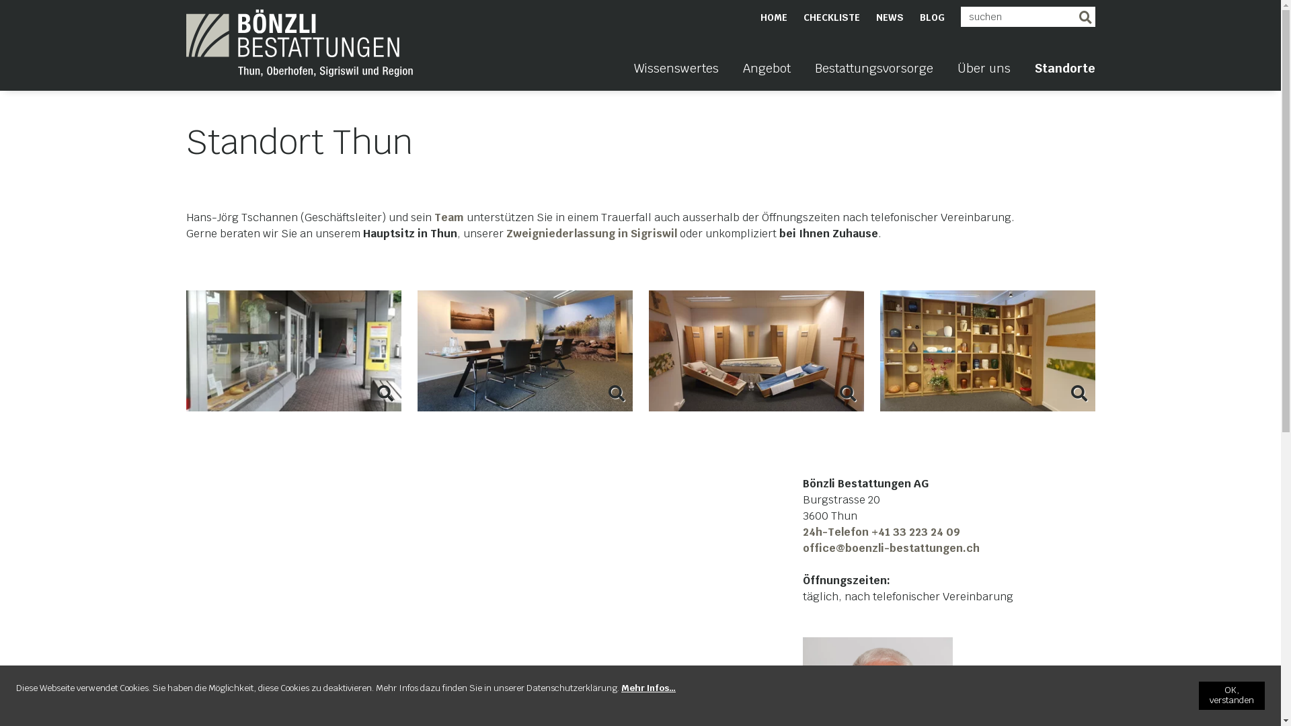 This screenshot has height=726, width=1291. I want to click on 'Standorte', so click(1033, 75).